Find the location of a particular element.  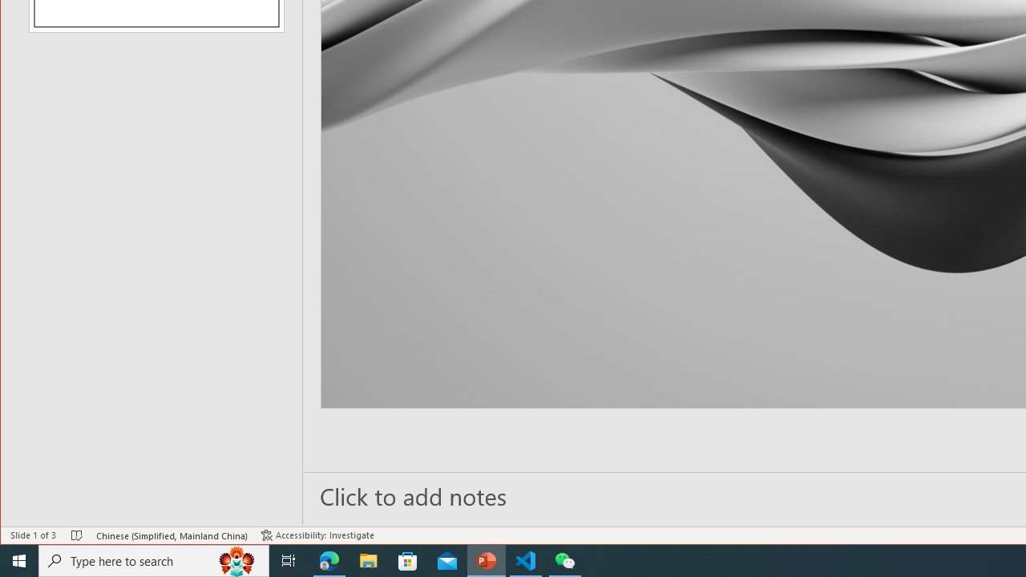

'Start' is located at coordinates (19, 559).